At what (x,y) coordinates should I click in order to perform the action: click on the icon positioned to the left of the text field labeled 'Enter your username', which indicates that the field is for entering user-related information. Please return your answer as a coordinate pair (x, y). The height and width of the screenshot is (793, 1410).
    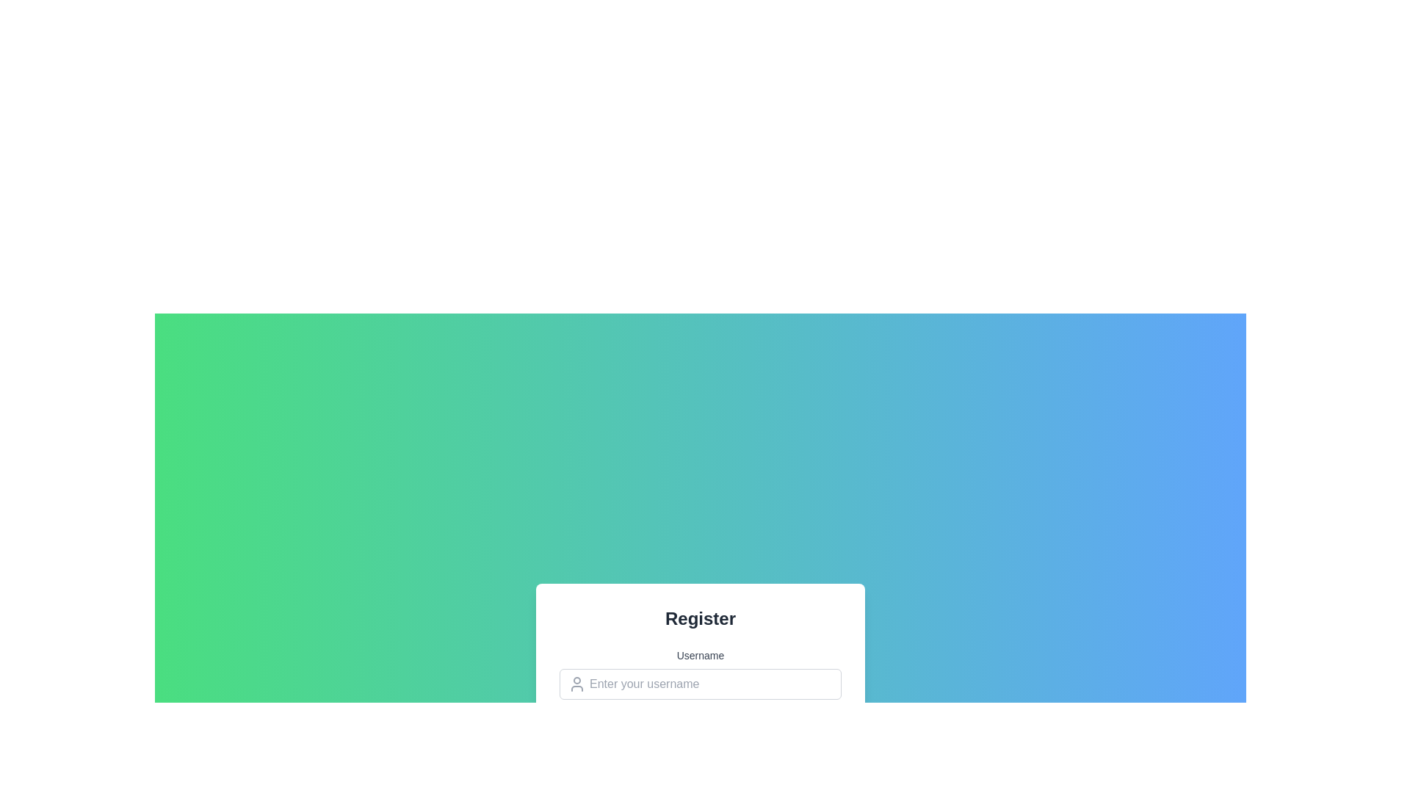
    Looking at the image, I should click on (576, 684).